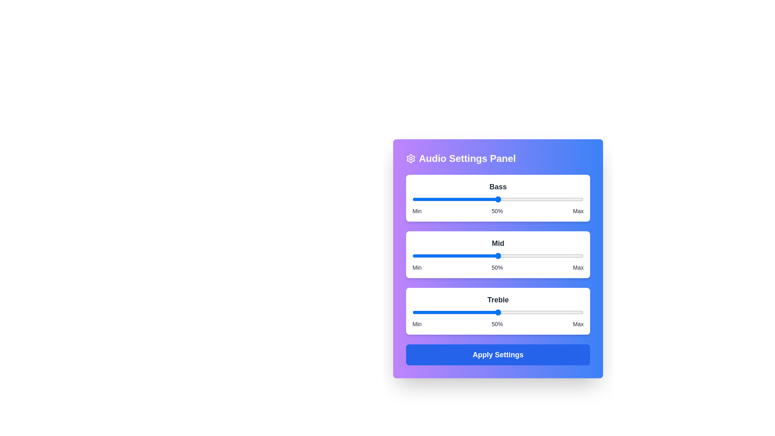 The image size is (775, 436). What do you see at coordinates (411, 159) in the screenshot?
I see `the settings icon located at the top-left corner of the Audio Settings Panel, adjacent to the text 'Audio Settings Panel'` at bounding box center [411, 159].